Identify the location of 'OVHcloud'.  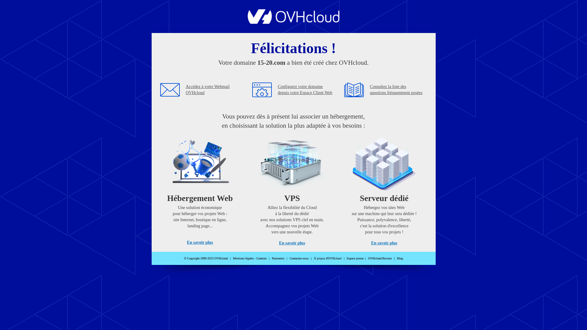
(293, 22).